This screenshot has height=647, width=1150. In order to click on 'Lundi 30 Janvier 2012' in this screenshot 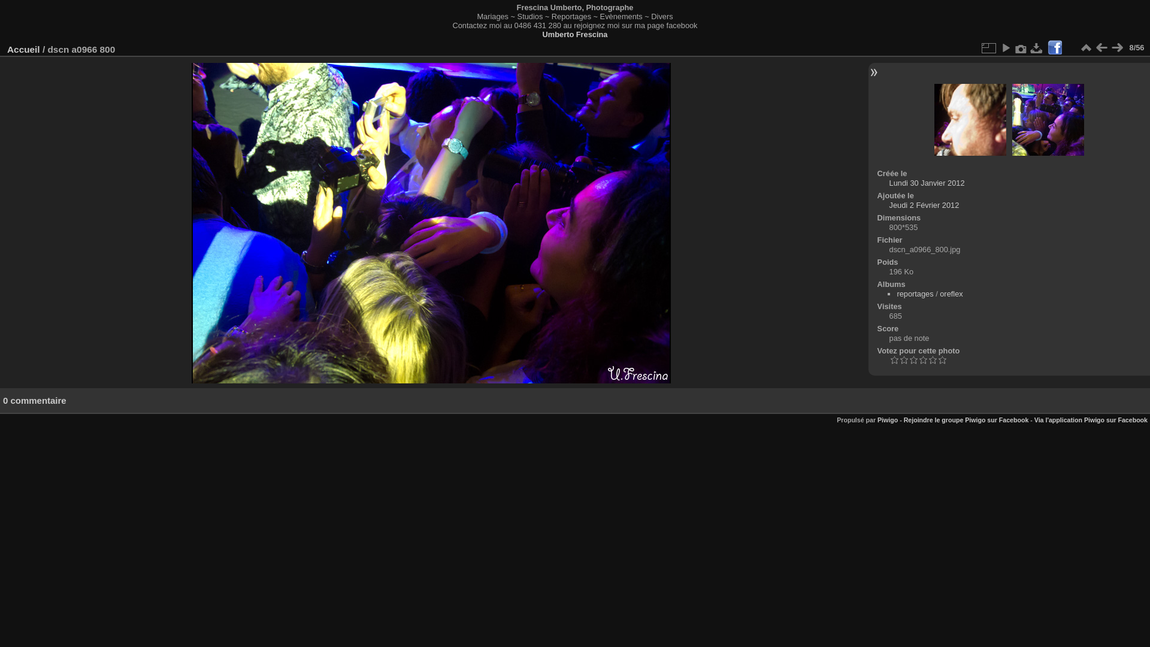, I will do `click(927, 183)`.